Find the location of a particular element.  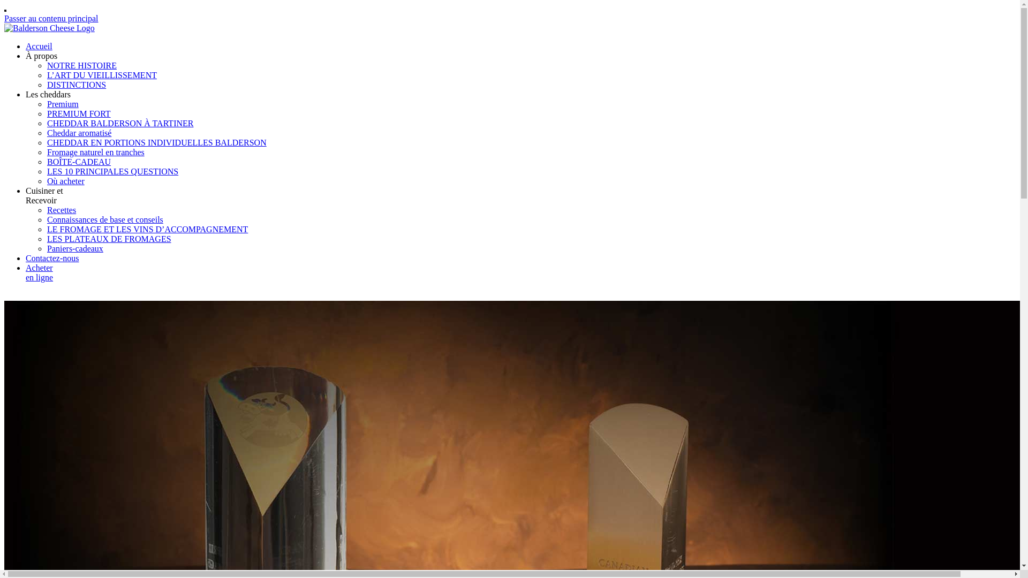

'Premium' is located at coordinates (62, 104).